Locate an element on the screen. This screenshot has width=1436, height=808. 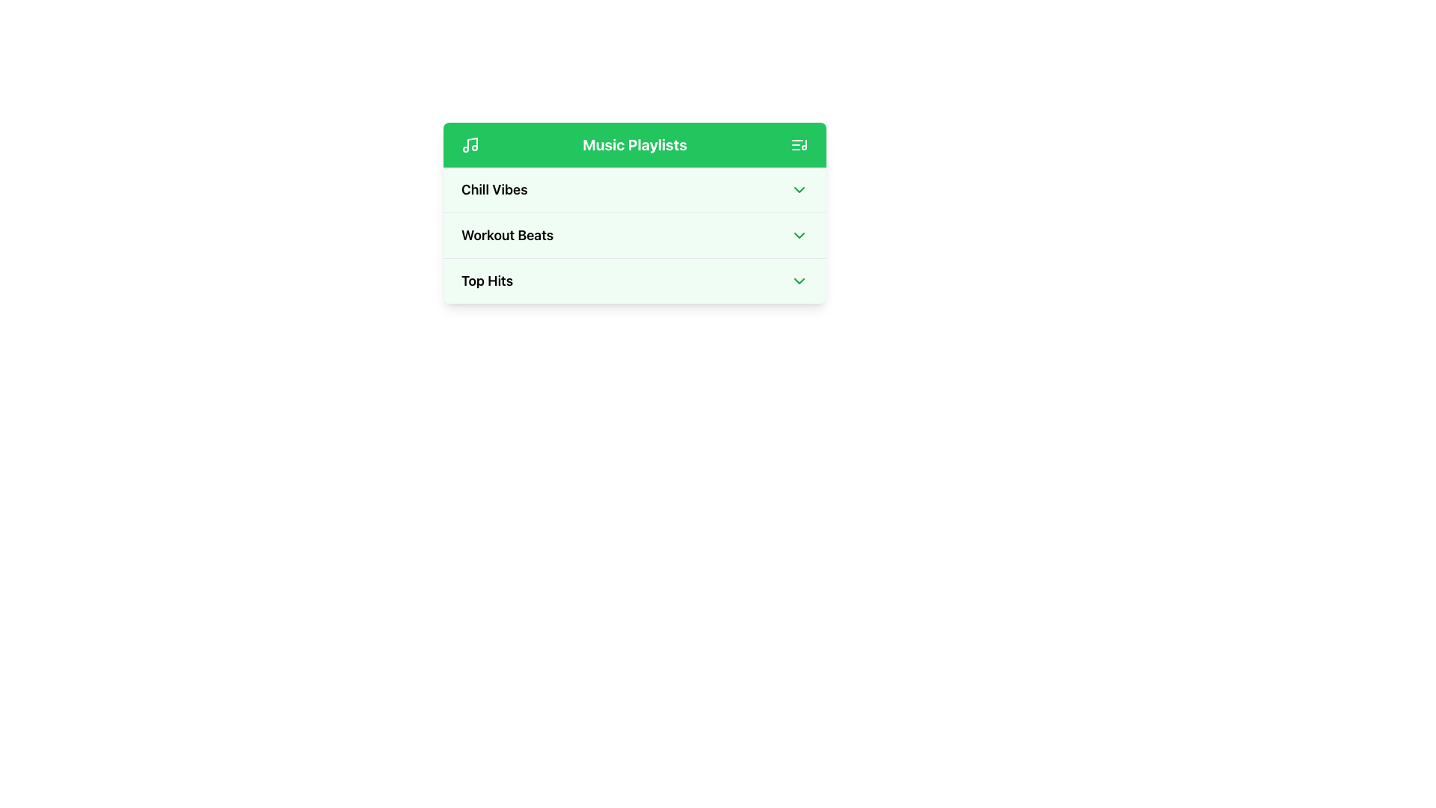
the text label displaying 'Workout Beats', which is the second entry in the music playlist list under 'Music Playlists' is located at coordinates (507, 236).